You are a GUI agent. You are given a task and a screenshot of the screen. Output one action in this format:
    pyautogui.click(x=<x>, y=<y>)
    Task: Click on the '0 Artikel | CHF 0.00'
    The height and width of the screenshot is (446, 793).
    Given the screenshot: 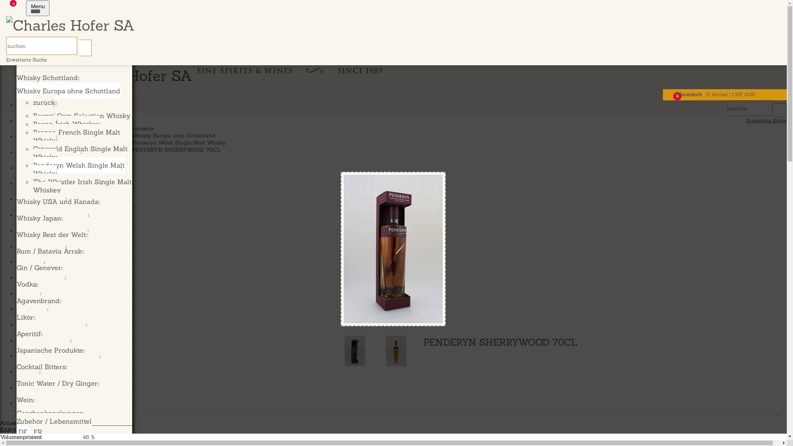 What is the action you would take?
    pyautogui.click(x=731, y=94)
    